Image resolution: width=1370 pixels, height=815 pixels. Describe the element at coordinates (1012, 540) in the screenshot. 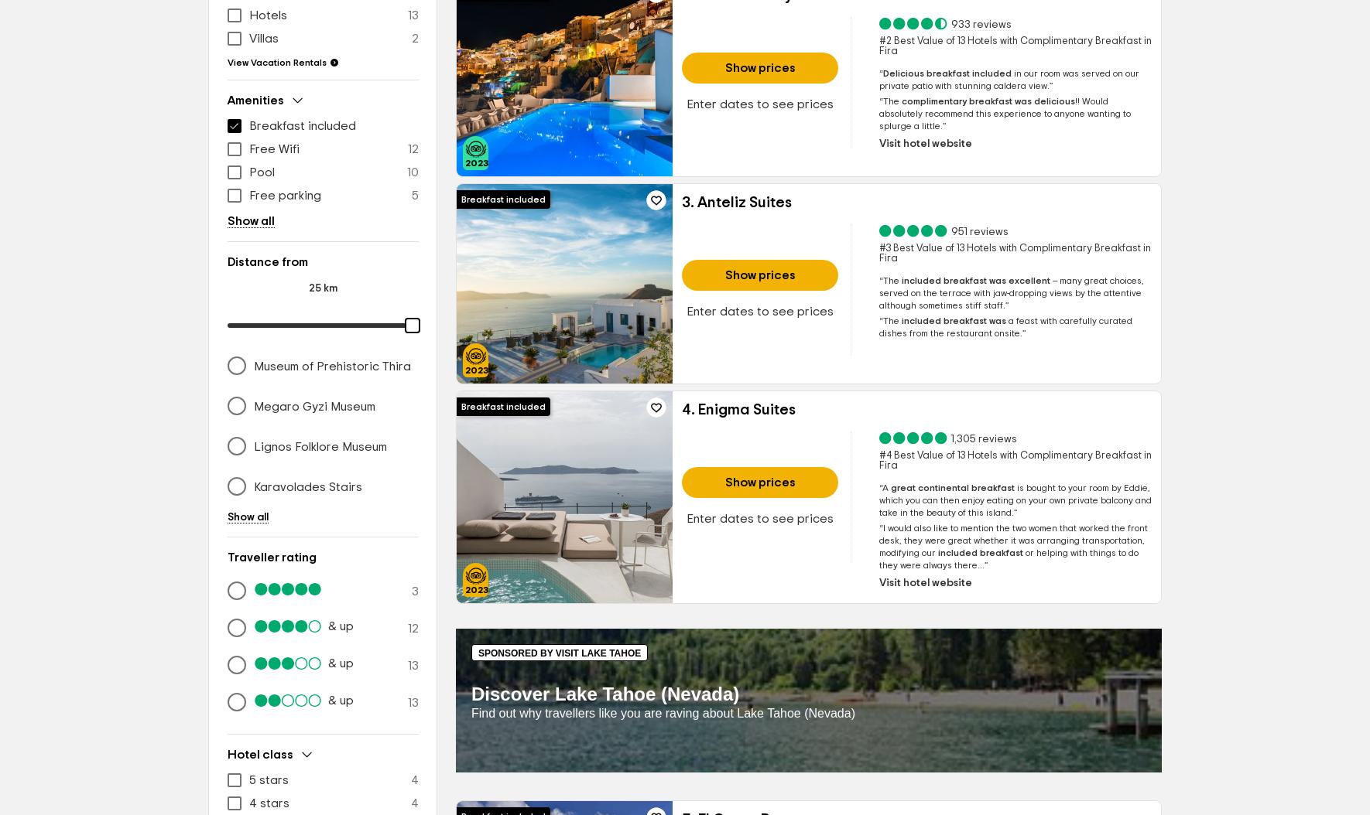

I see `'I would also like to mention the two women that worked the front desk, they were great whether it was arranging transportation, modifying'` at that location.